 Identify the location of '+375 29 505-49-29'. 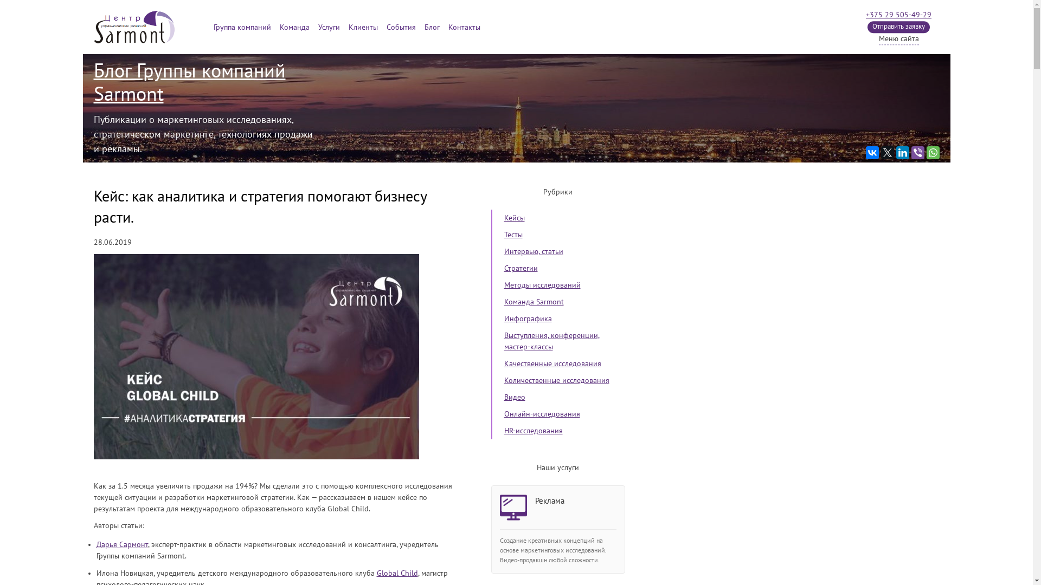
(865, 15).